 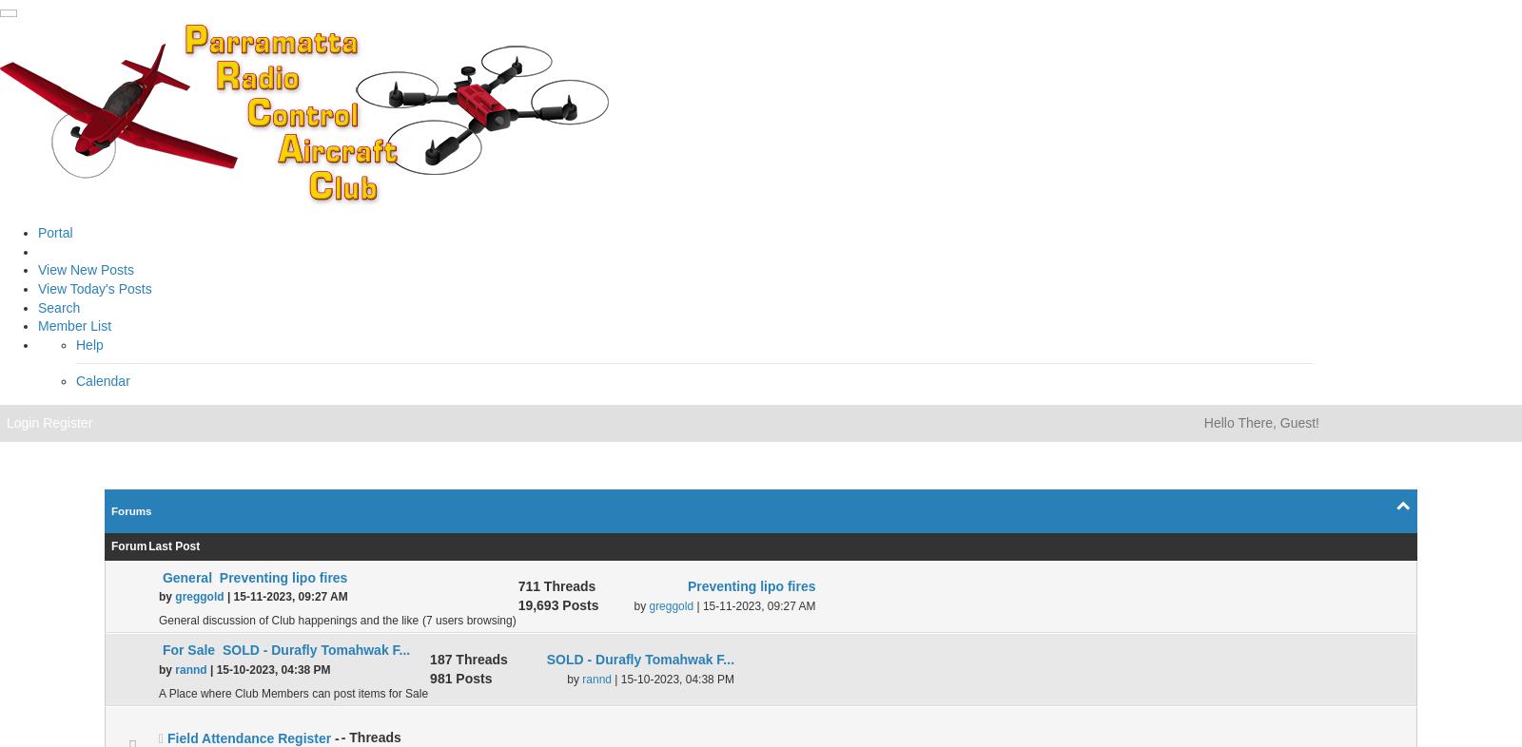 I want to click on 'Portal', so click(x=54, y=232).